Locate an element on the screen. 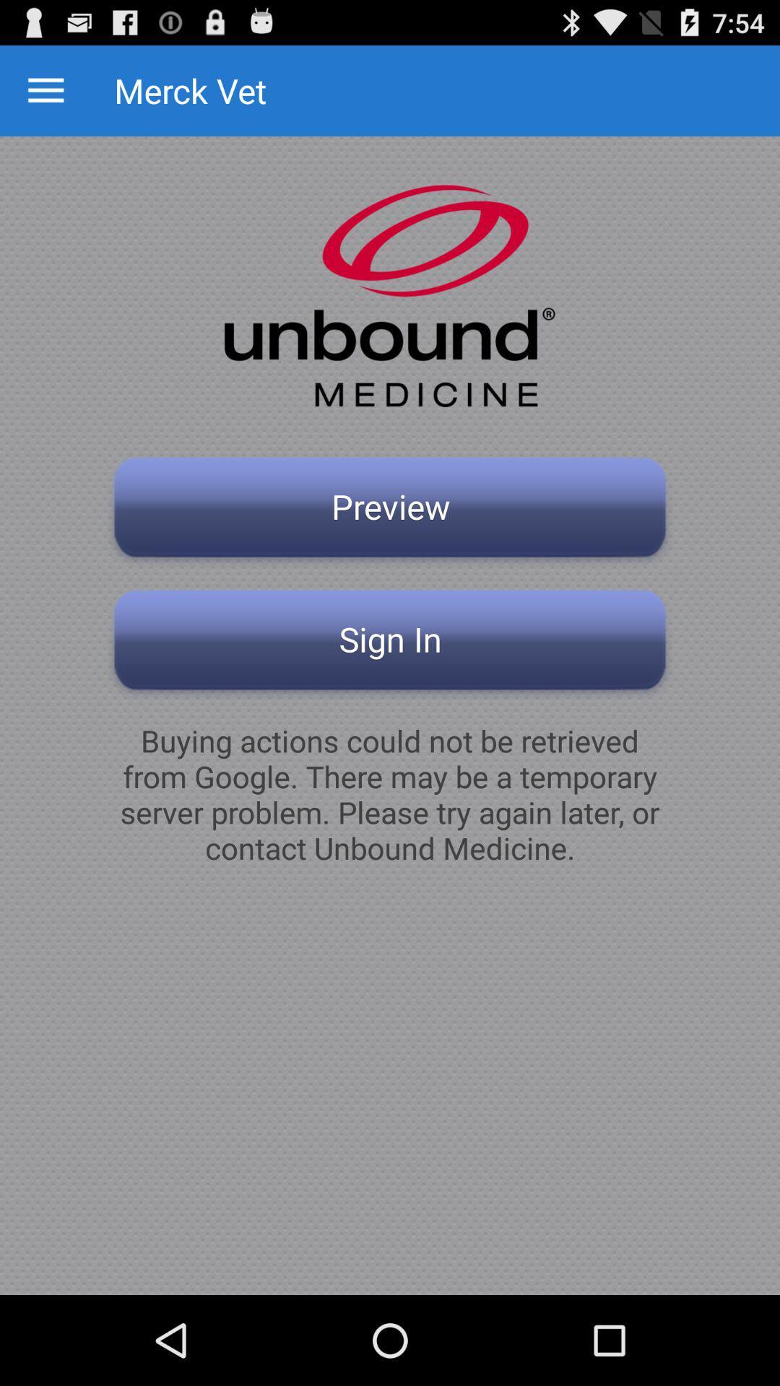 The image size is (780, 1386). the preview icon is located at coordinates (390, 511).